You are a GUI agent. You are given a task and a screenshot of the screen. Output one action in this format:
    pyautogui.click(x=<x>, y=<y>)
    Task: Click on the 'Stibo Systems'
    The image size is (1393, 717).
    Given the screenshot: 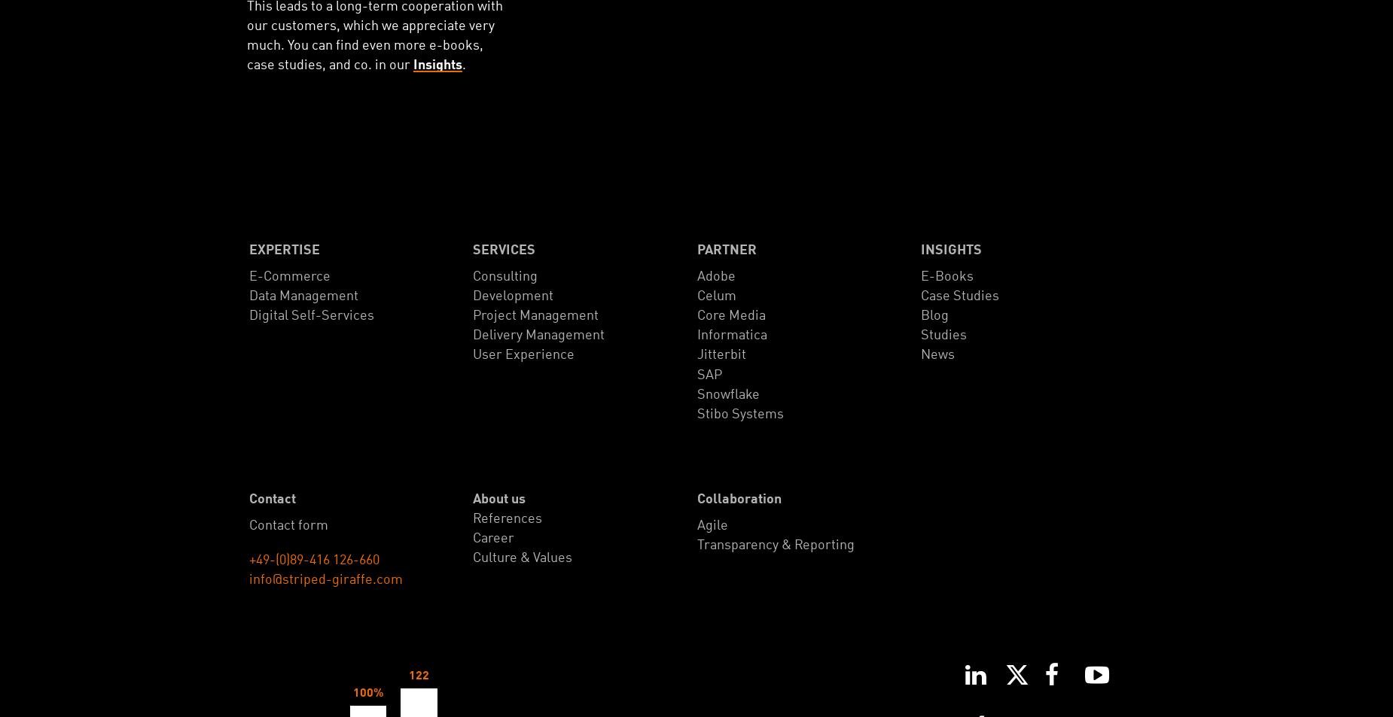 What is the action you would take?
    pyautogui.click(x=739, y=413)
    